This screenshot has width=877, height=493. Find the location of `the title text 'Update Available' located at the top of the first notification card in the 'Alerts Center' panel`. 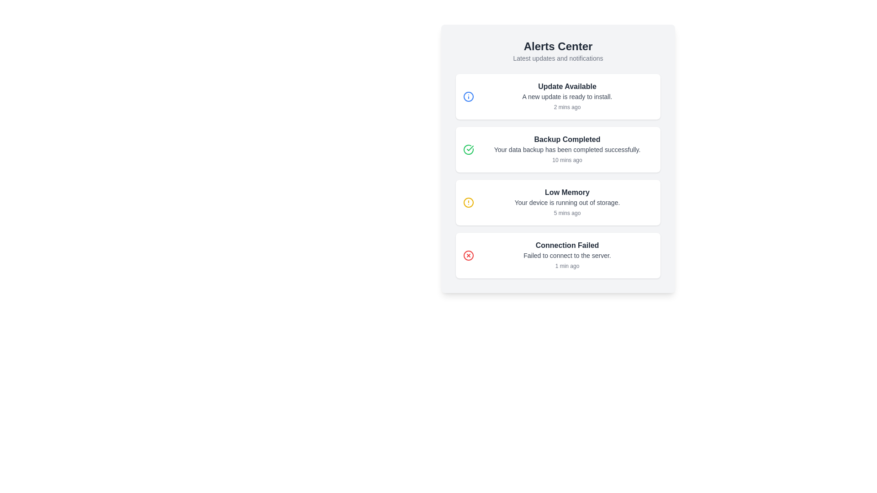

the title text 'Update Available' located at the top of the first notification card in the 'Alerts Center' panel is located at coordinates (567, 86).